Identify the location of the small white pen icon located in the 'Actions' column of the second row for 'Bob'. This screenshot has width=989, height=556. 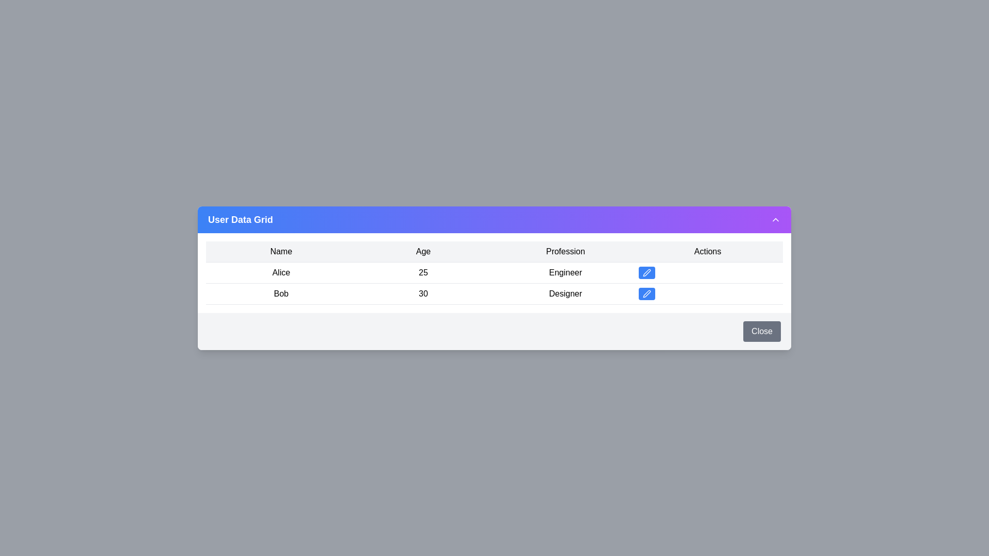
(646, 293).